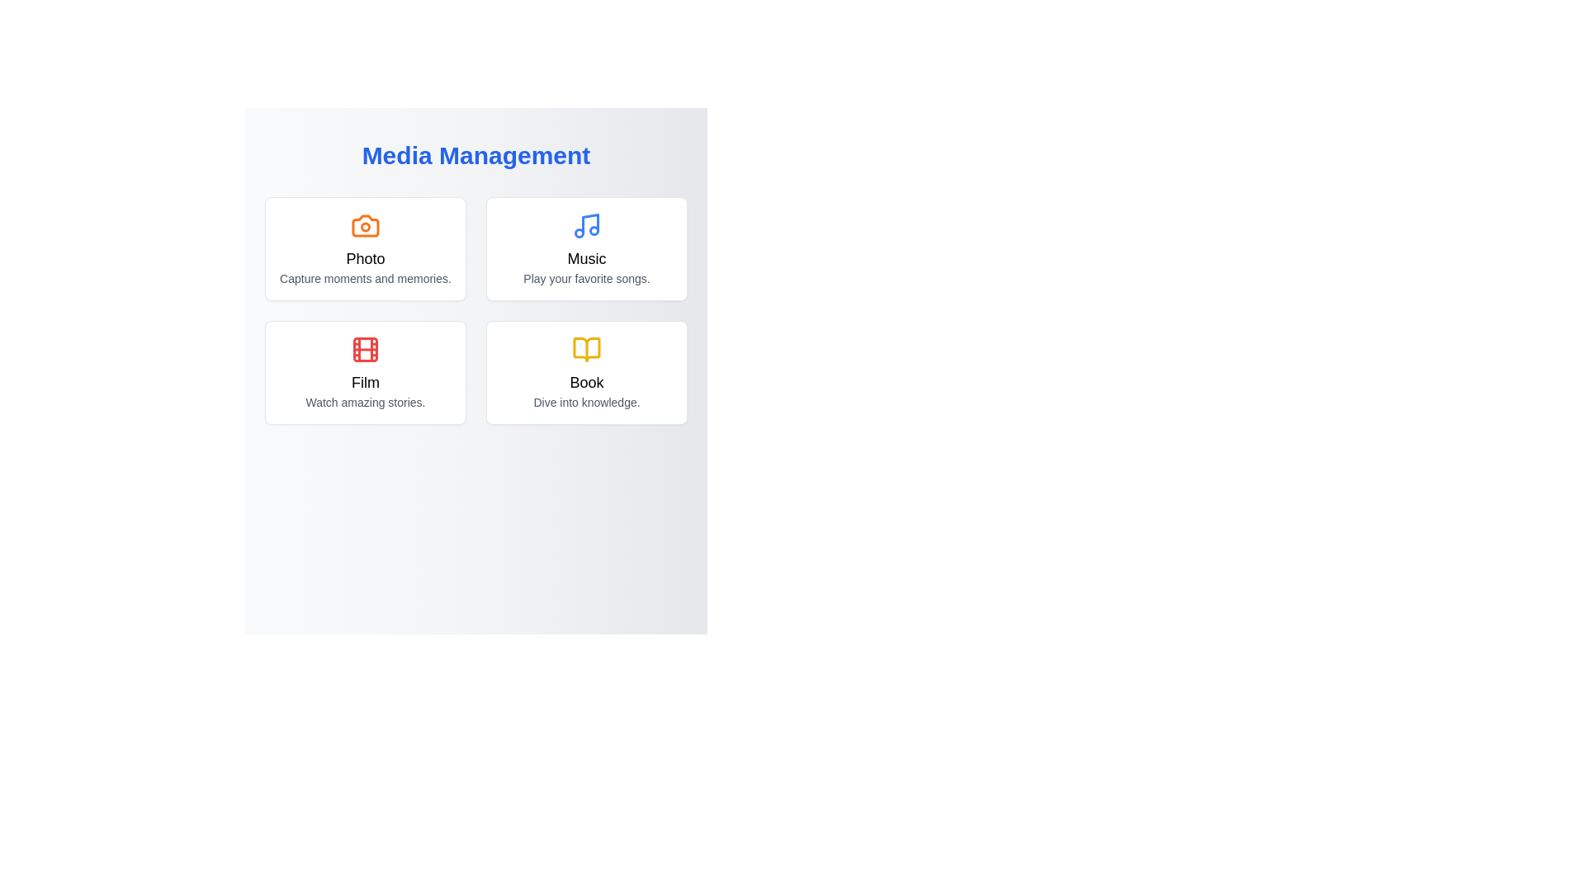 This screenshot has width=1585, height=891. What do you see at coordinates (364, 349) in the screenshot?
I see `the red film icon located in the 'Film' section beneath the 'Media Management' header` at bounding box center [364, 349].